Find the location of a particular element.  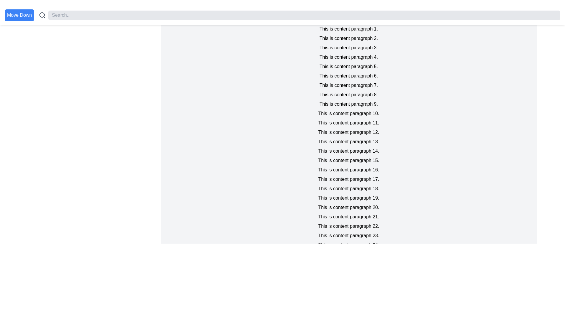

the 11th paragraph text element within the 'Content' section, which displays non-interactive text content is located at coordinates (349, 123).